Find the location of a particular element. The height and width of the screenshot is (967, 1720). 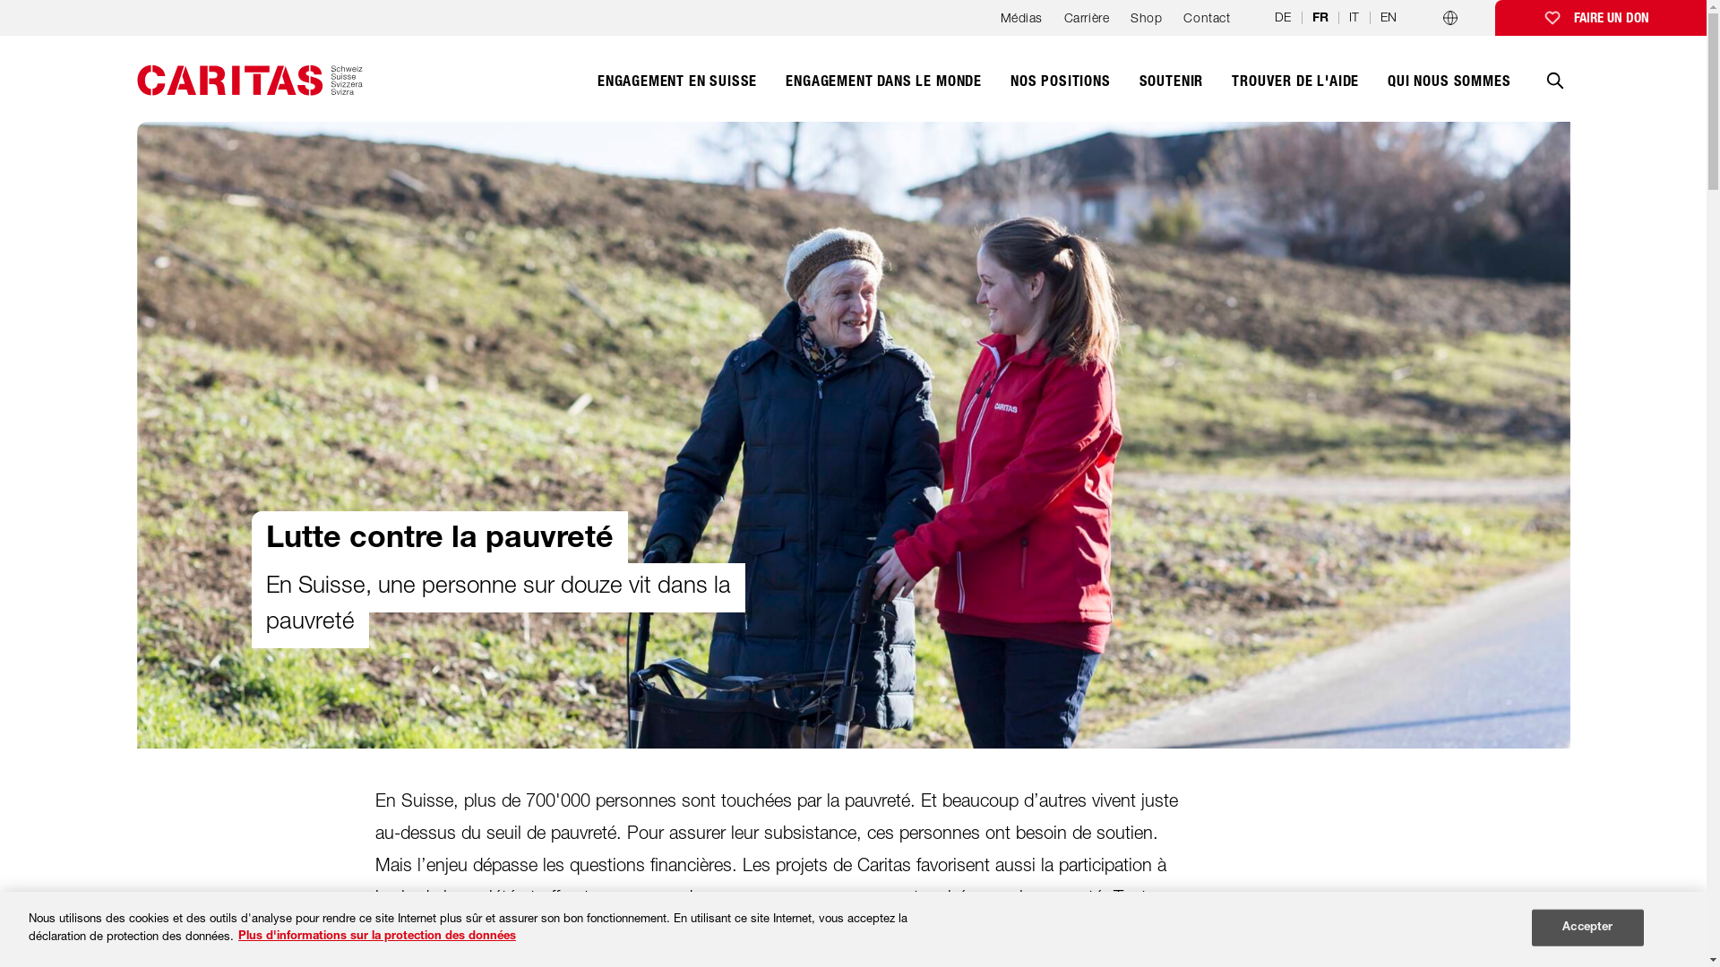

'TROUVER DE L'AIDE' is located at coordinates (1294, 90).